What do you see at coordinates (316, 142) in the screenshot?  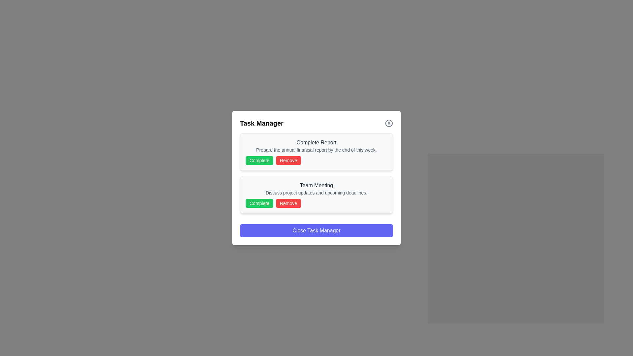 I see `the Text Label that serves as the title for the task 'Complete Report', which is located within the first card in the Task Manager interface` at bounding box center [316, 142].